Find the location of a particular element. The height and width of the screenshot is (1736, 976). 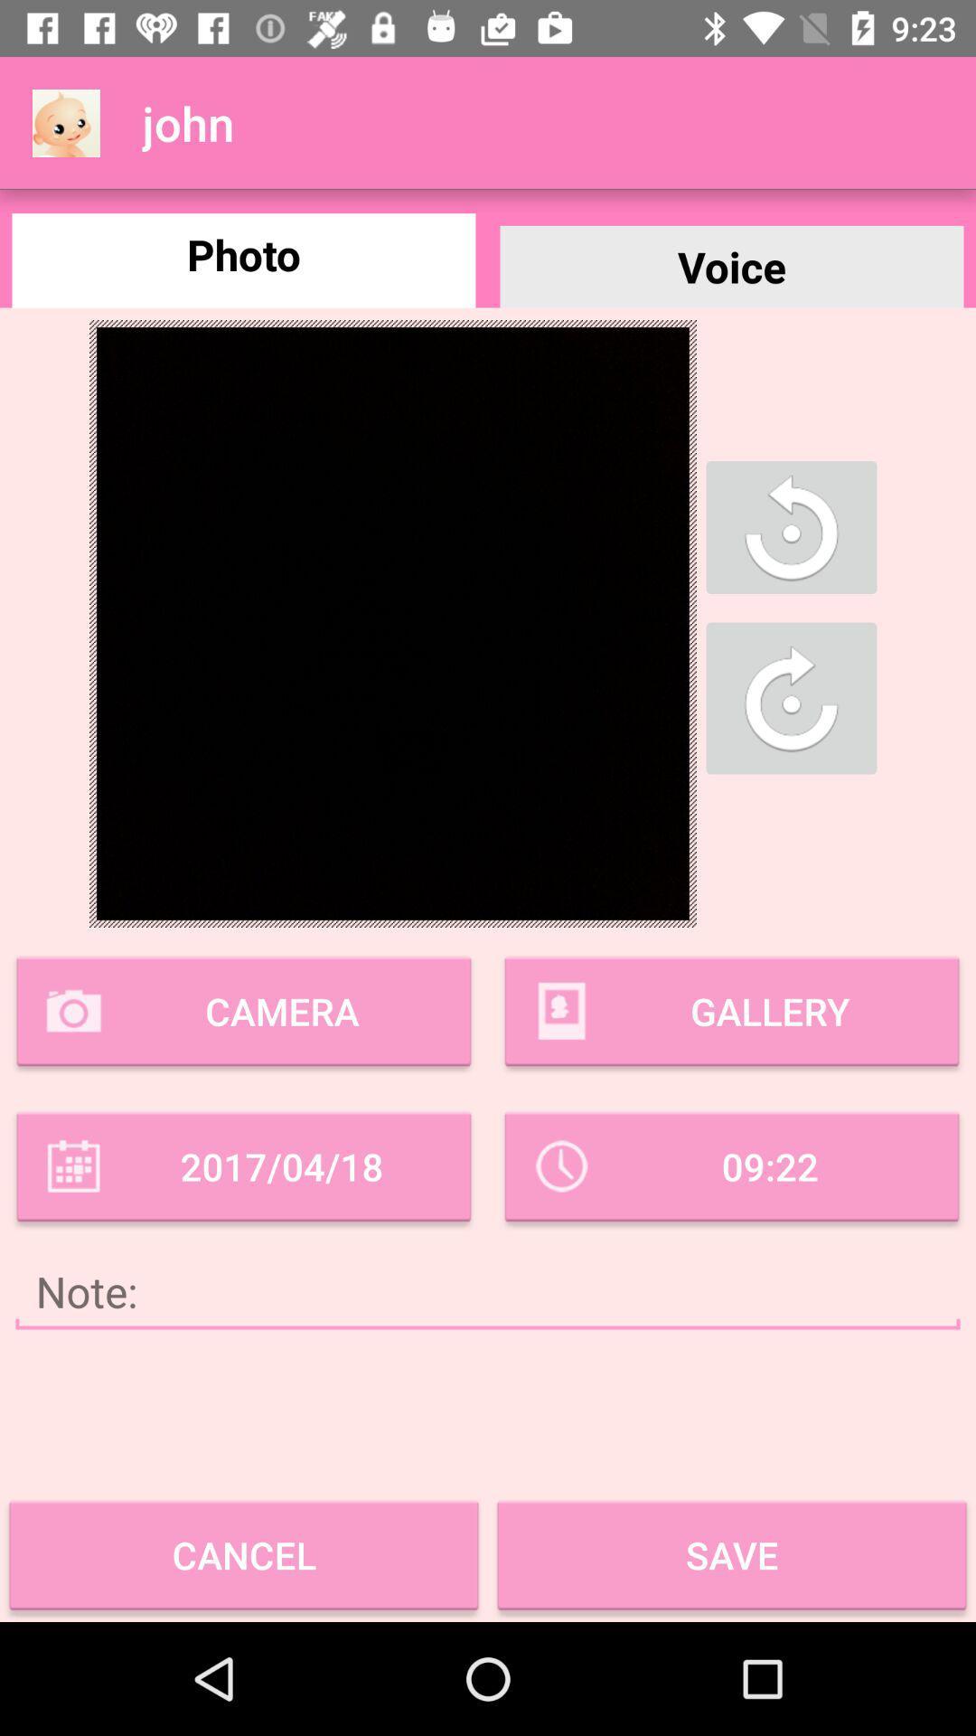

the second icon below voice is located at coordinates (790, 697).